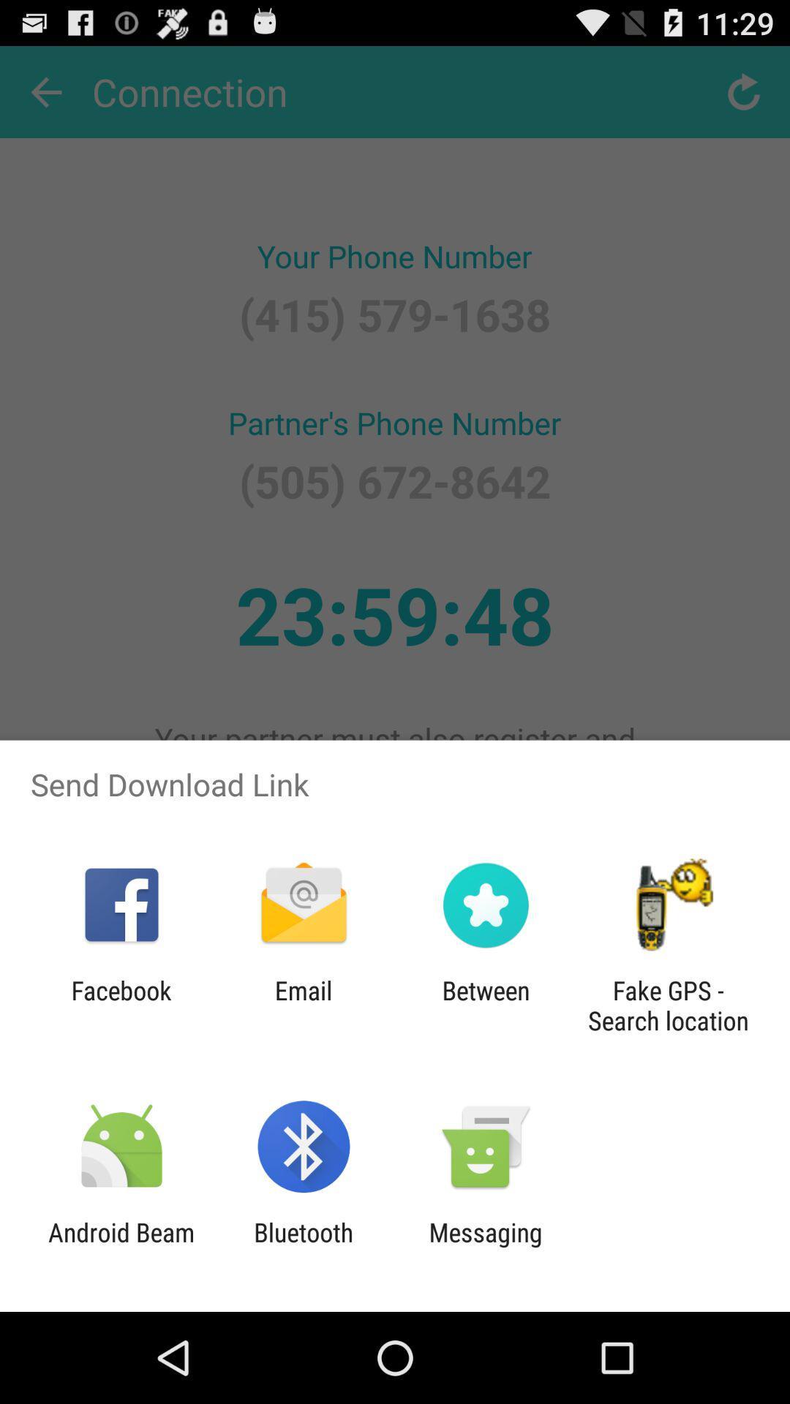 The image size is (790, 1404). What do you see at coordinates (486, 1005) in the screenshot?
I see `the icon to the left of fake gps search` at bounding box center [486, 1005].